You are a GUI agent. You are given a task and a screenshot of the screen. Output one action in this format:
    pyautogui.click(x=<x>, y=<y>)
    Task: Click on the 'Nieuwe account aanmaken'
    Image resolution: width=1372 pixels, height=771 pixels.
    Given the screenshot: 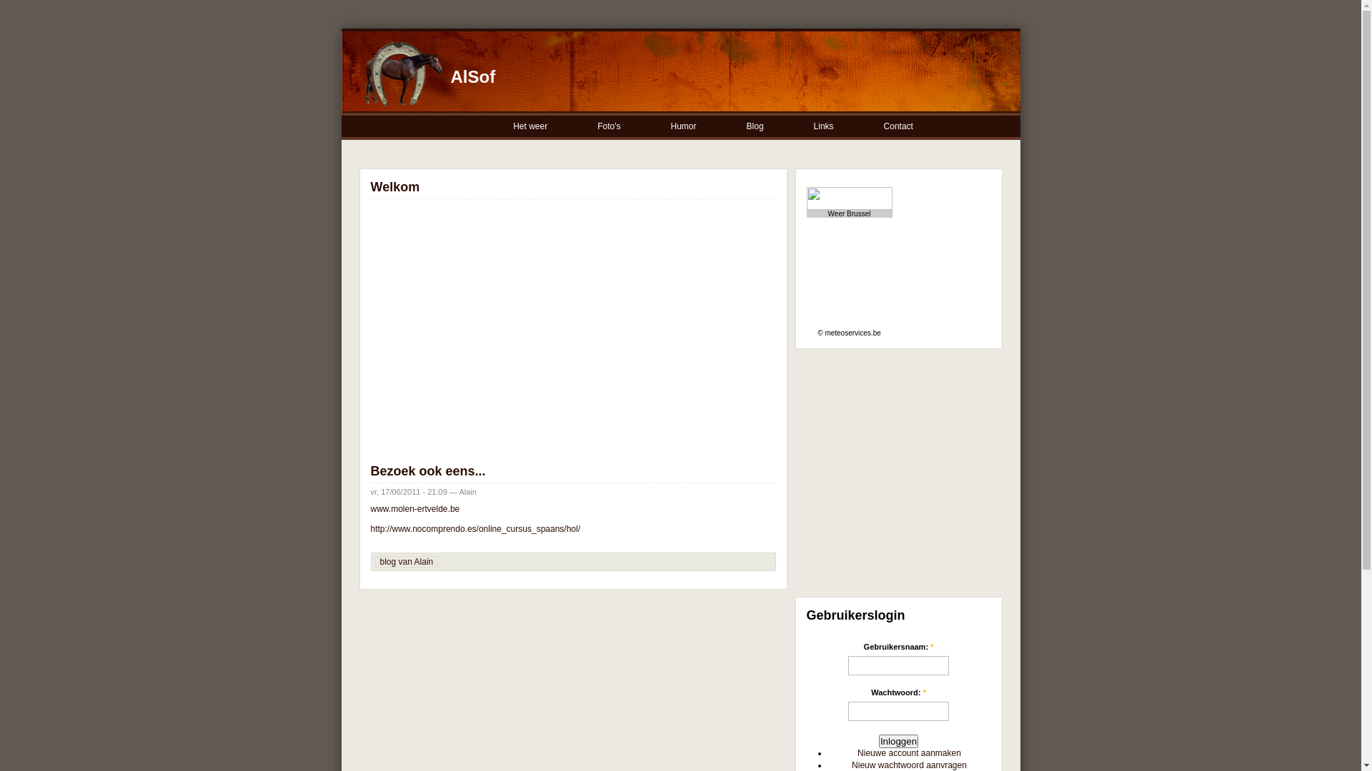 What is the action you would take?
    pyautogui.click(x=908, y=752)
    